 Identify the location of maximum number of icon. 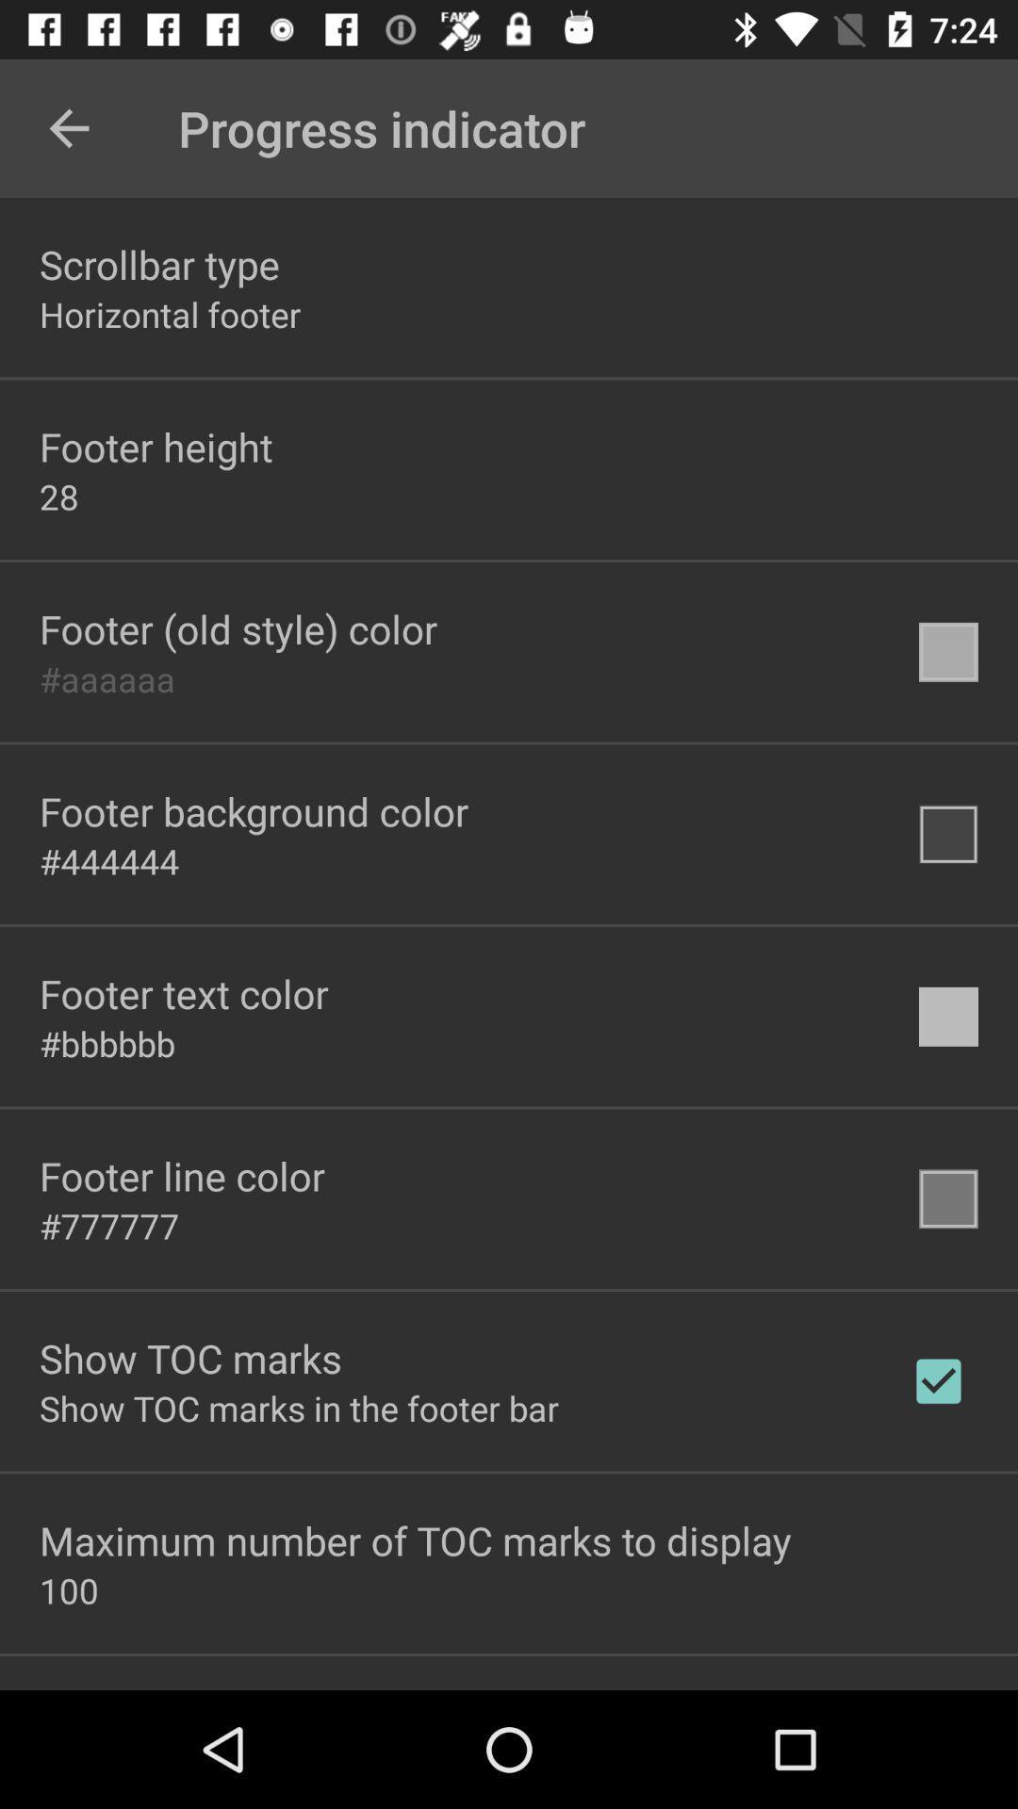
(414, 1540).